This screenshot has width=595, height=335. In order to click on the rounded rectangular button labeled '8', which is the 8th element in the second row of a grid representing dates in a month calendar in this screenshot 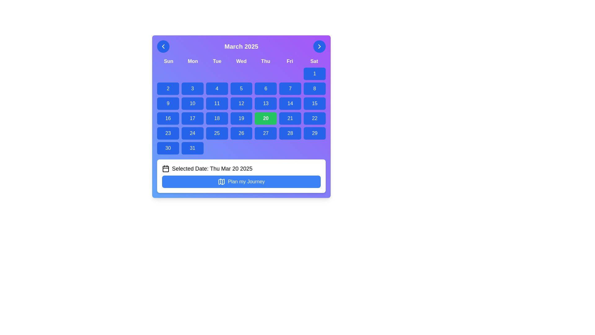, I will do `click(315, 88)`.